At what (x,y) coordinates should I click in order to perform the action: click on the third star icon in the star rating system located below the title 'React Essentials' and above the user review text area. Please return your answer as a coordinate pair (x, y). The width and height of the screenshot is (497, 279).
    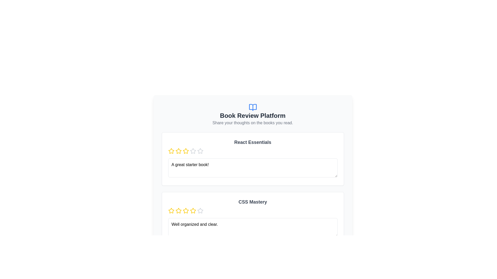
    Looking at the image, I should click on (186, 151).